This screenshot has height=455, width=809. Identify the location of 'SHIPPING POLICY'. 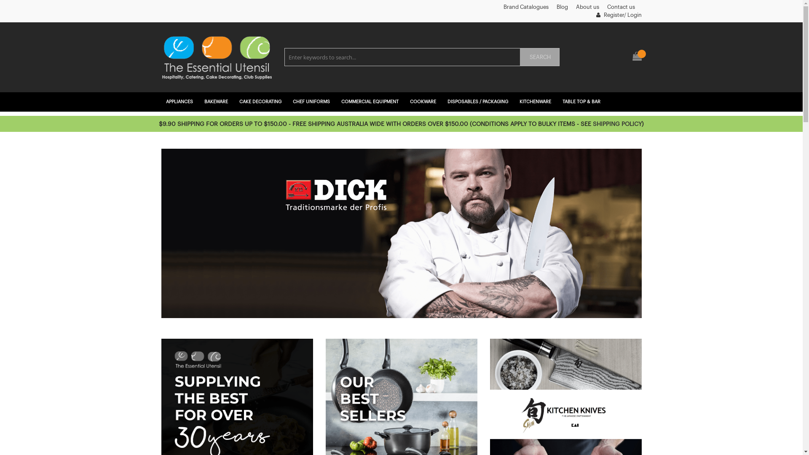
(617, 124).